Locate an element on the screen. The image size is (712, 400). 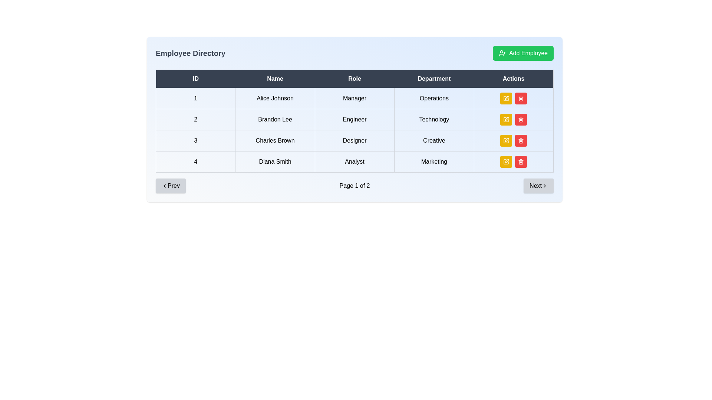
the delete button located in the 'Actions' column of the last row of the table is located at coordinates (521, 98).